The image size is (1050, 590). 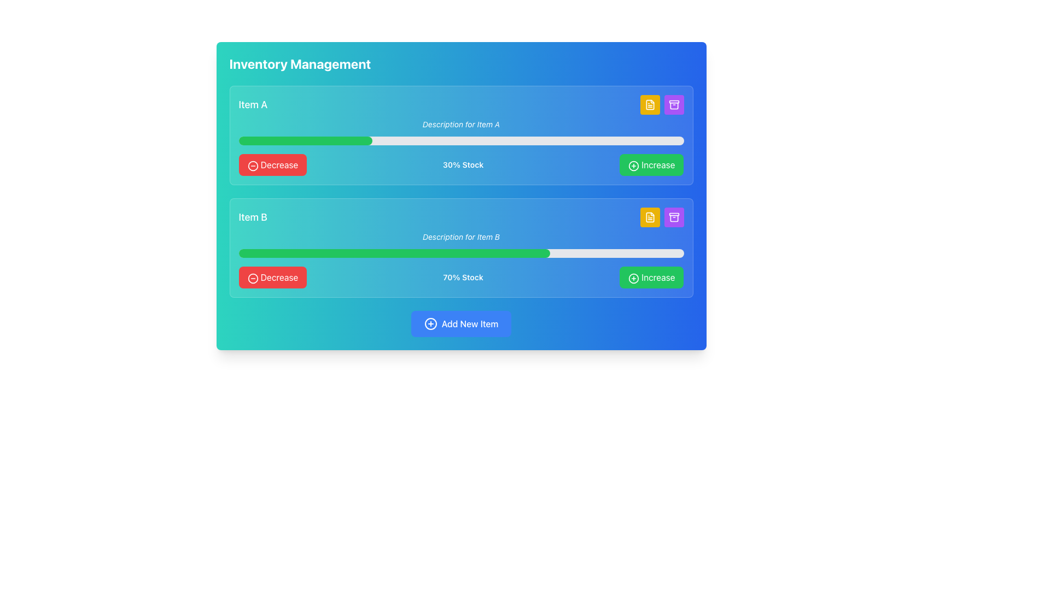 I want to click on the yellow button with a document icon located to the right of the green 'Increase' button and slightly below the progress bar for Item B, so click(x=650, y=217).